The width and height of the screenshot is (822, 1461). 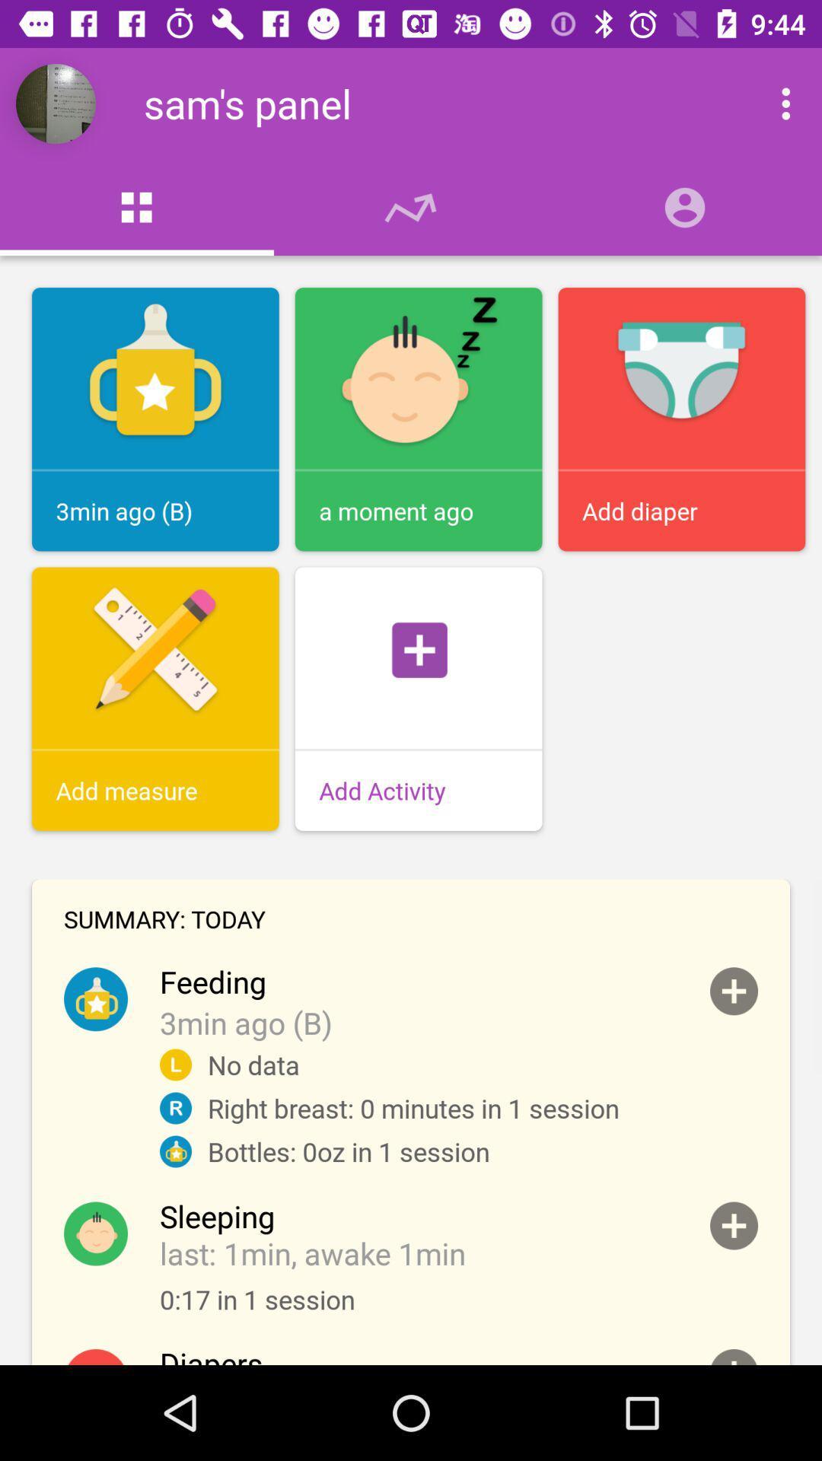 I want to click on sleeping time, so click(x=733, y=1226).